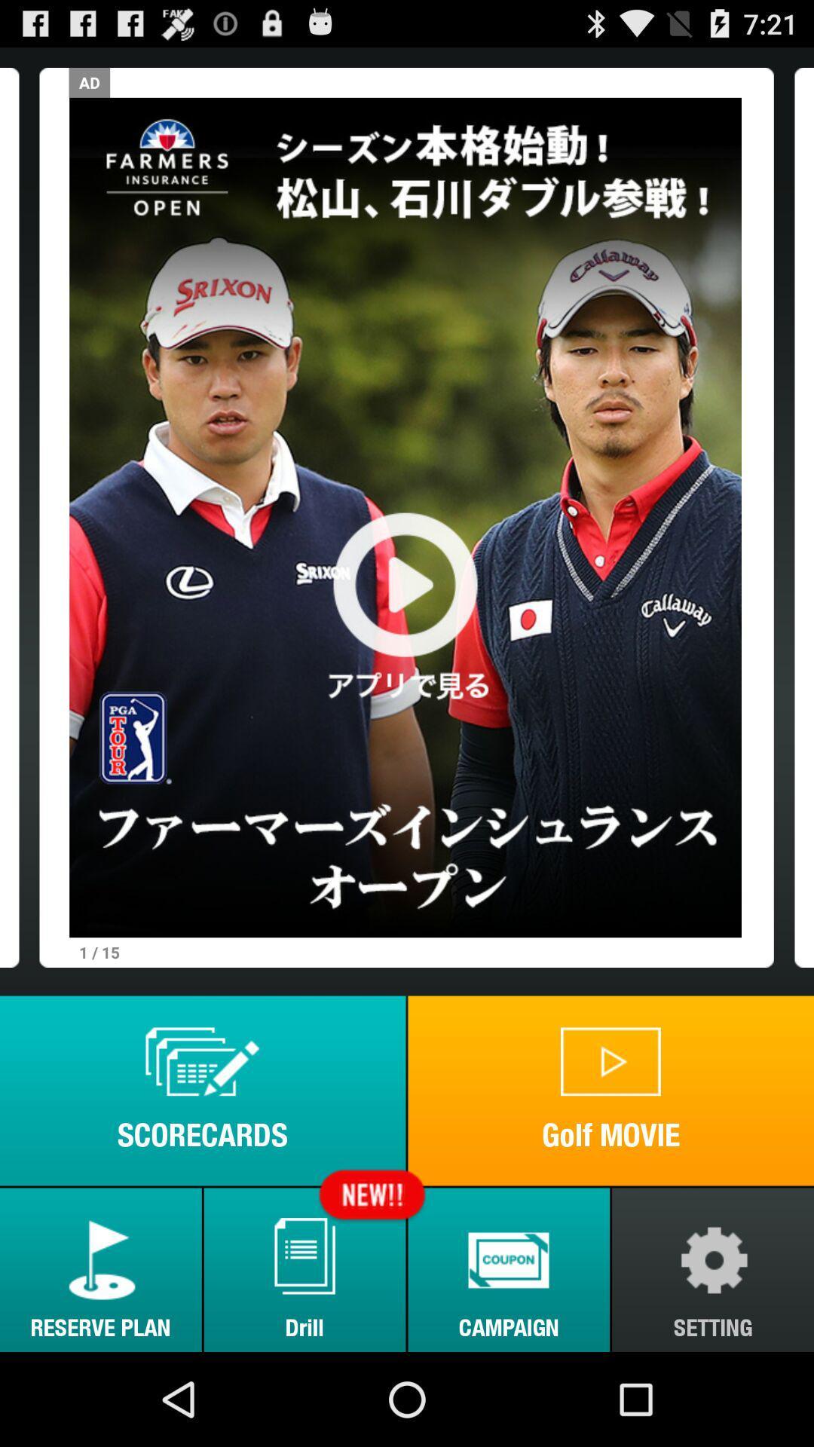 This screenshot has width=814, height=1447. What do you see at coordinates (304, 1269) in the screenshot?
I see `the item to the left of the campaign icon` at bounding box center [304, 1269].